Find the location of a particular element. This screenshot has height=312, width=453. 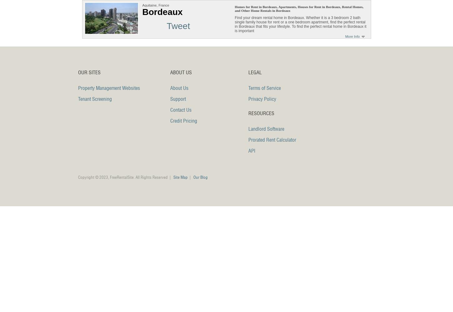

'Tenant Screening' is located at coordinates (95, 99).